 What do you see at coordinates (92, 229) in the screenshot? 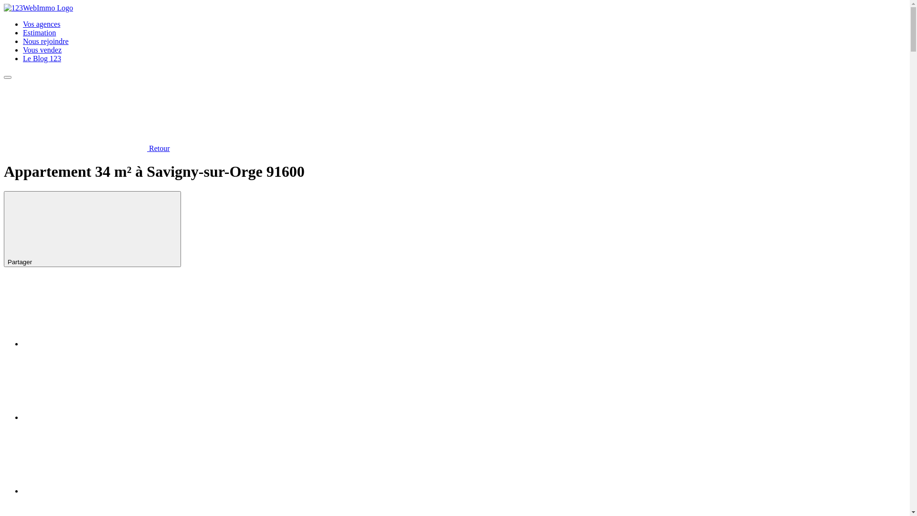
I see `'Partager'` at bounding box center [92, 229].